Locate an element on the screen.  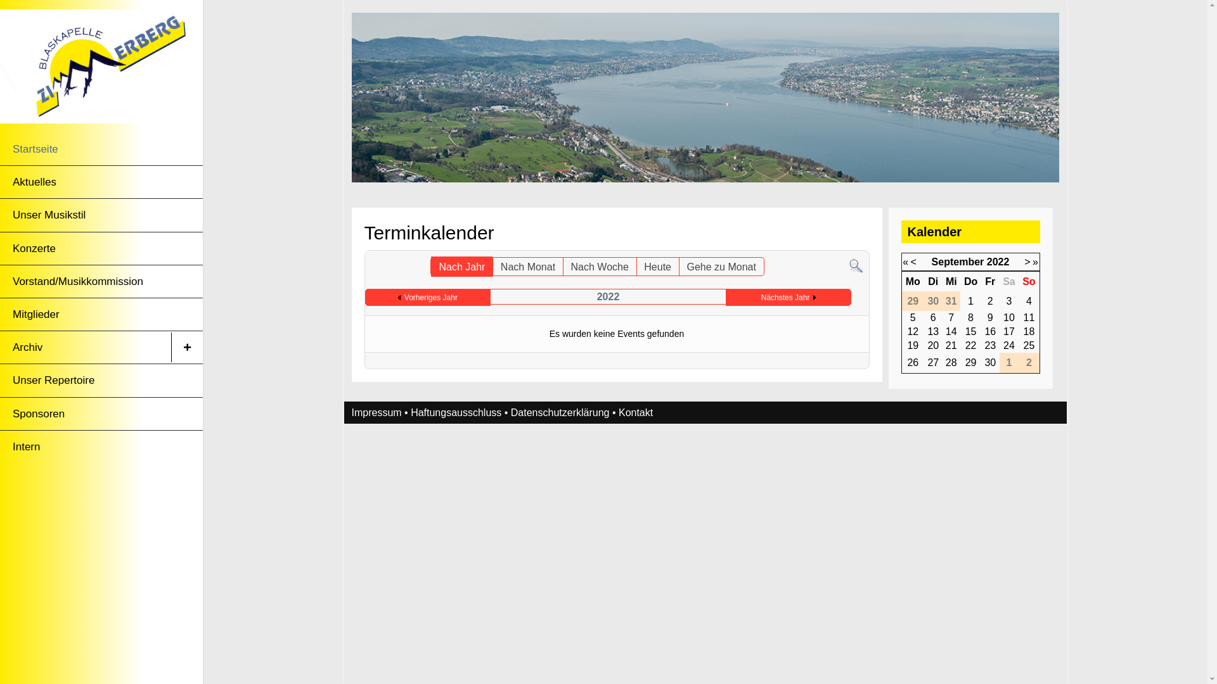
'4' is located at coordinates (1026, 301).